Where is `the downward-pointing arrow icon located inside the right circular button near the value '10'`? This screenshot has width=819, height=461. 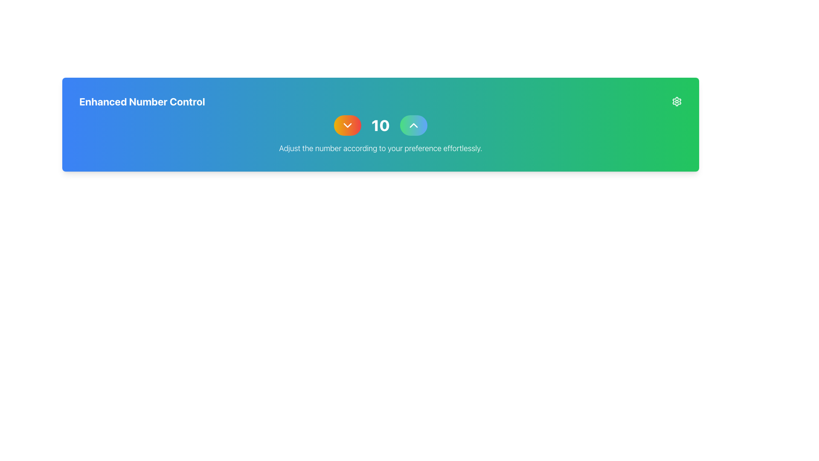
the downward-pointing arrow icon located inside the right circular button near the value '10' is located at coordinates (348, 125).